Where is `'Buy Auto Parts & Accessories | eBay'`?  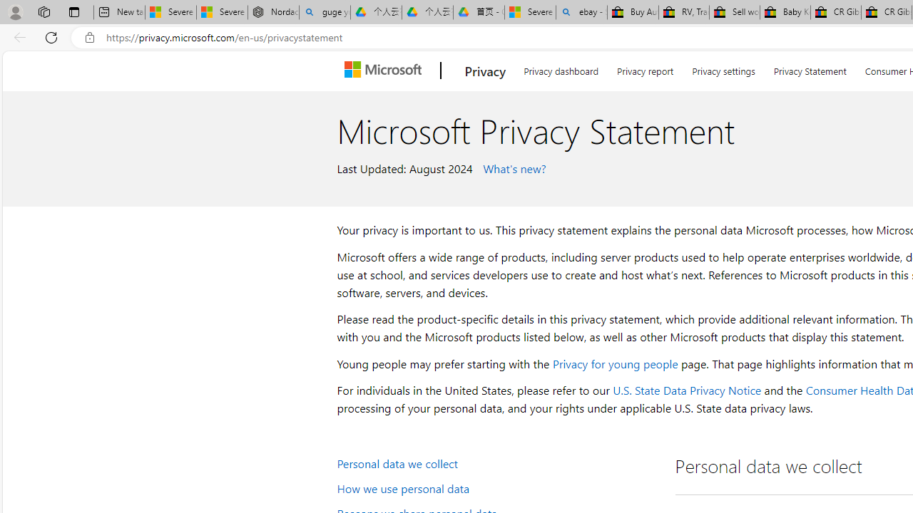
'Buy Auto Parts & Accessories | eBay' is located at coordinates (632, 12).